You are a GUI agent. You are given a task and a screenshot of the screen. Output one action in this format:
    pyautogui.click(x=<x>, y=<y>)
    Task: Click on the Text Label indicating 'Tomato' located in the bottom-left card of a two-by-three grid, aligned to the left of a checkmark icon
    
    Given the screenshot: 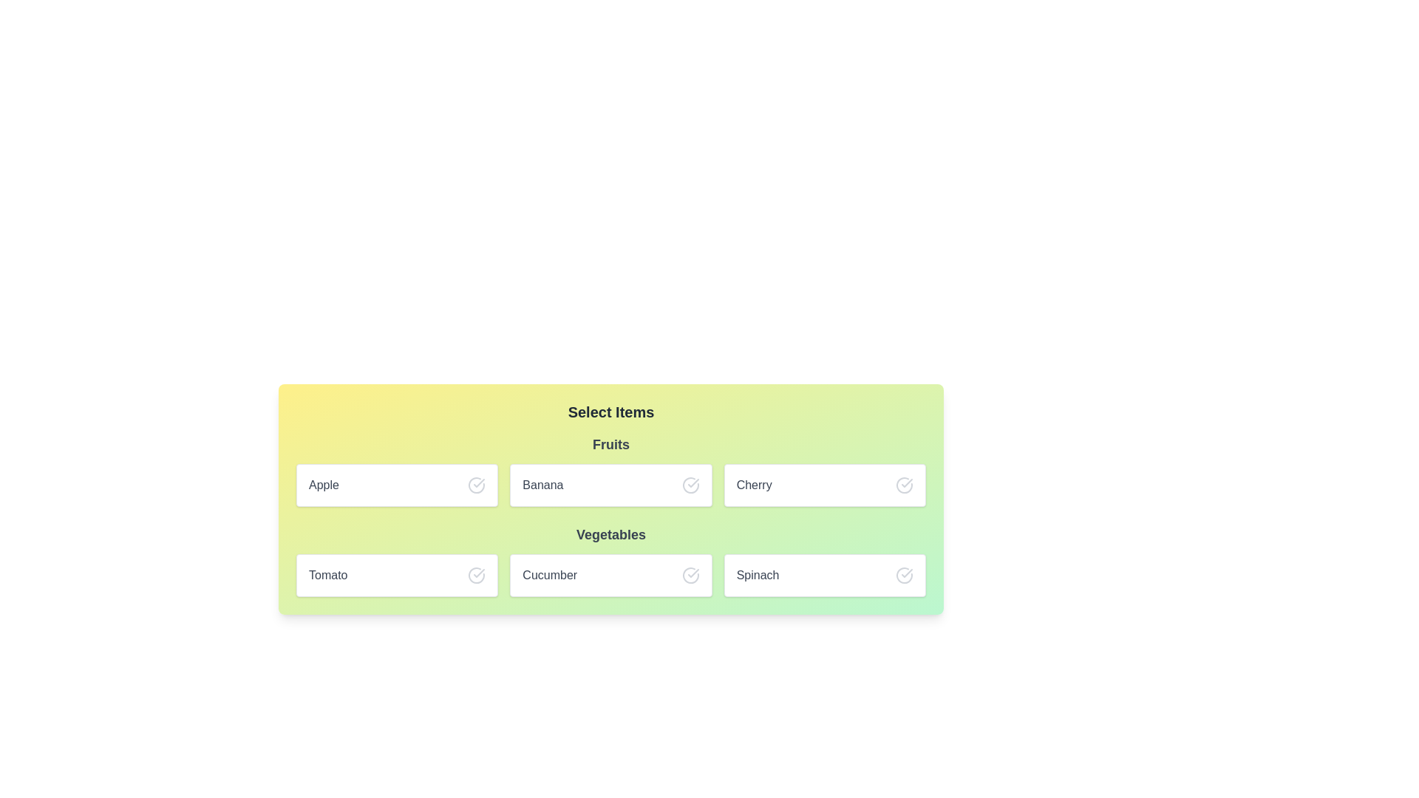 What is the action you would take?
    pyautogui.click(x=327, y=575)
    